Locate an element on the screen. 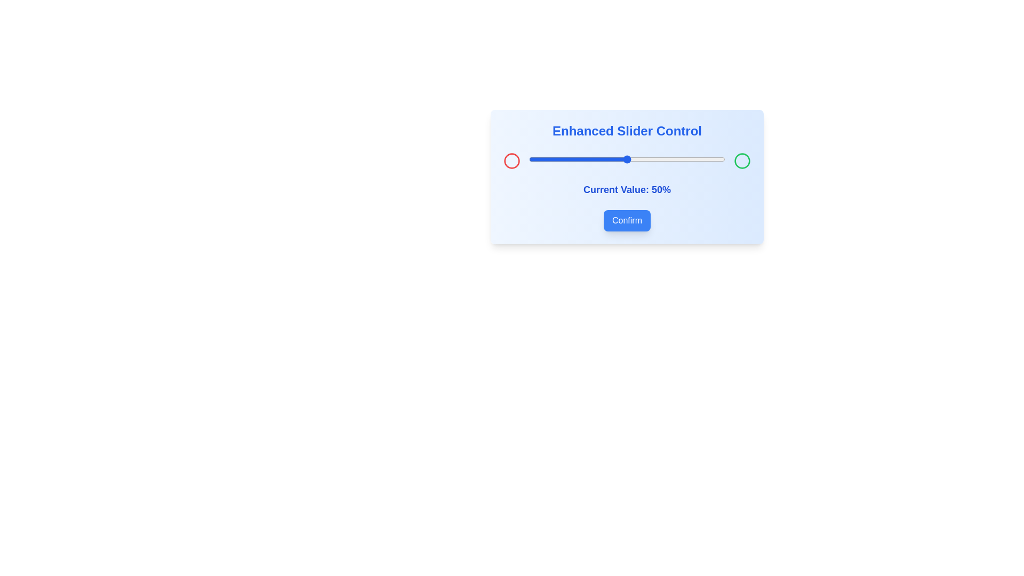 The image size is (1024, 576). the slider value is located at coordinates (583, 159).